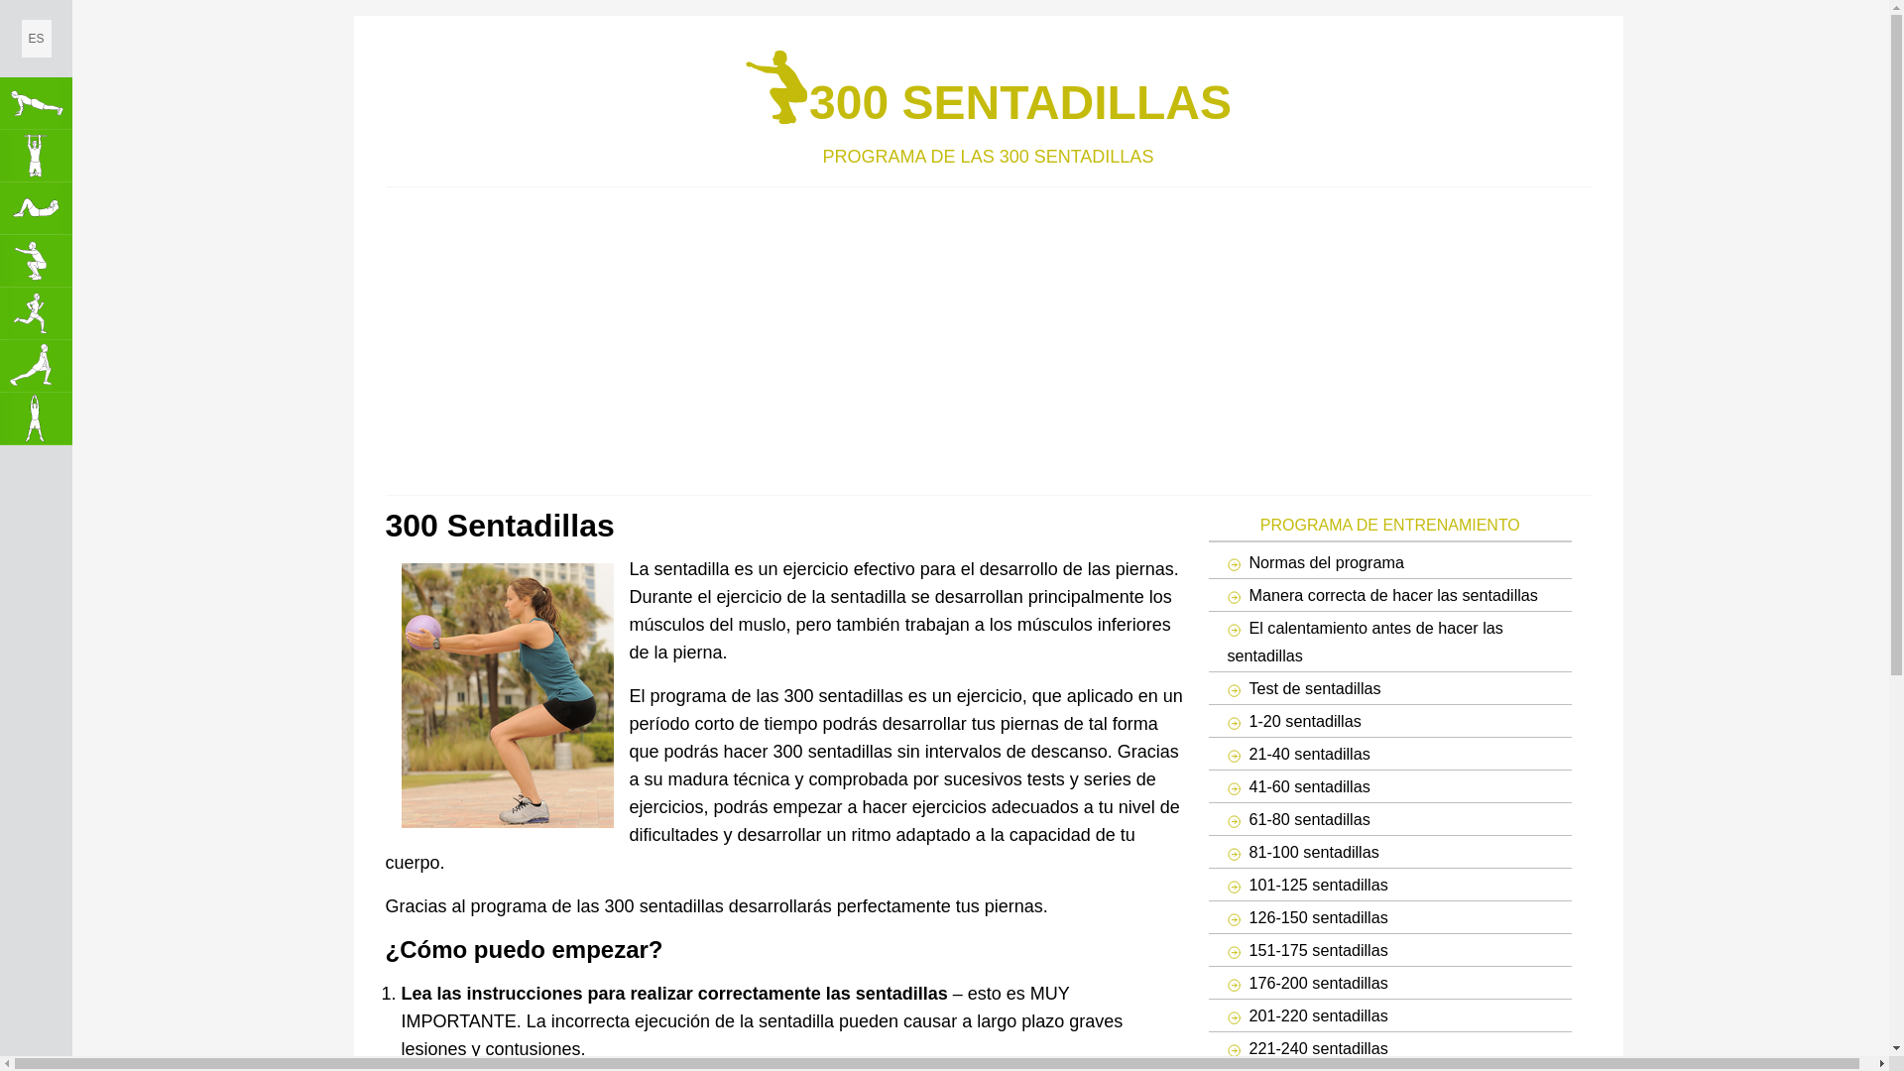  What do you see at coordinates (0, 366) in the screenshot?
I see `'Haga Estiramientos'` at bounding box center [0, 366].